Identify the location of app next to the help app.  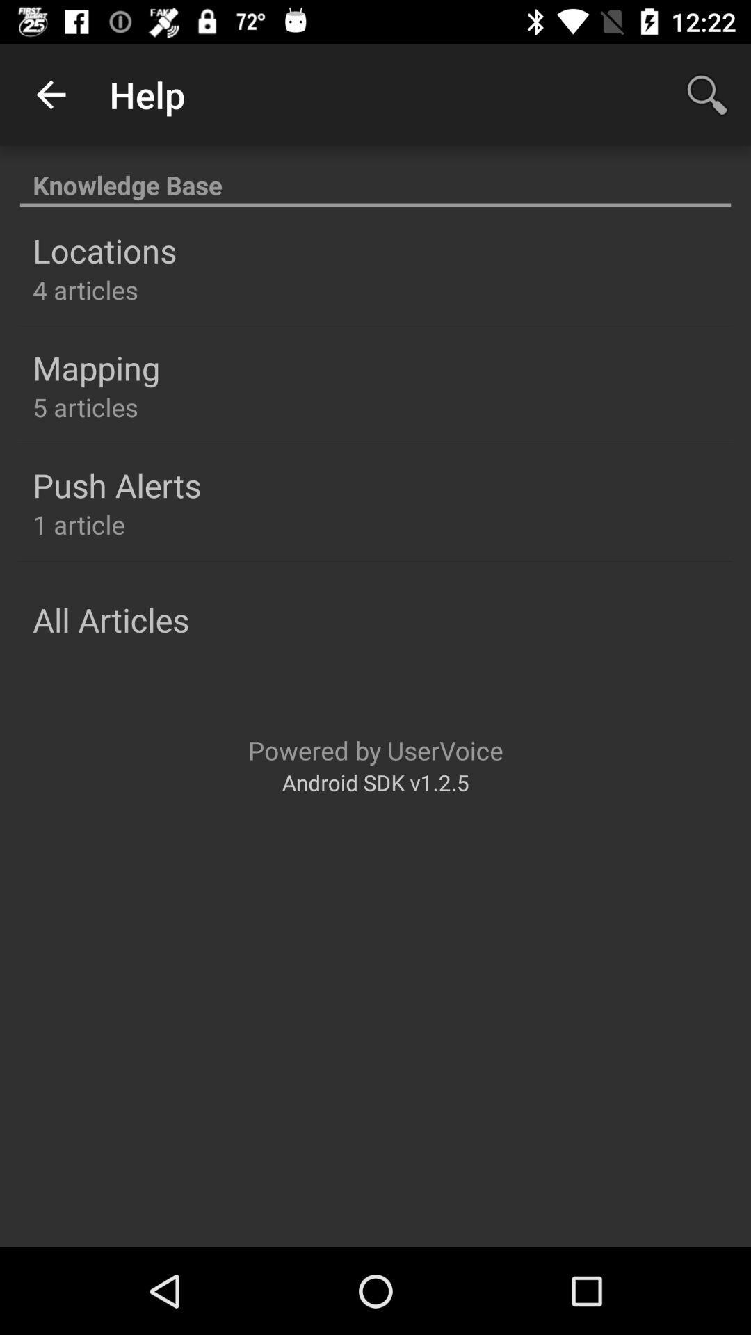
(707, 94).